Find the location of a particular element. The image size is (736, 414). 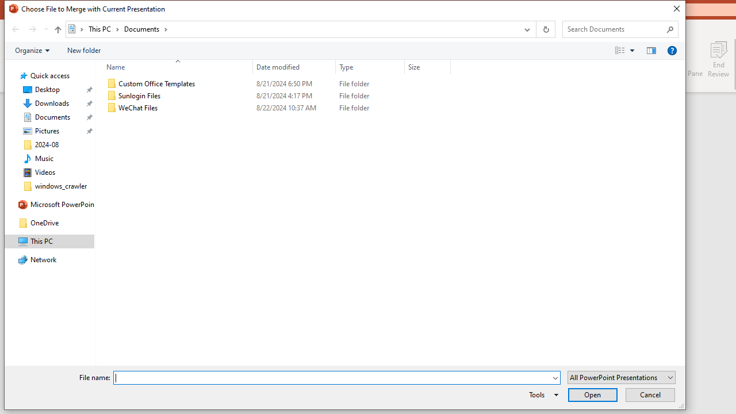

'Filter dropdown' is located at coordinates (445, 67).